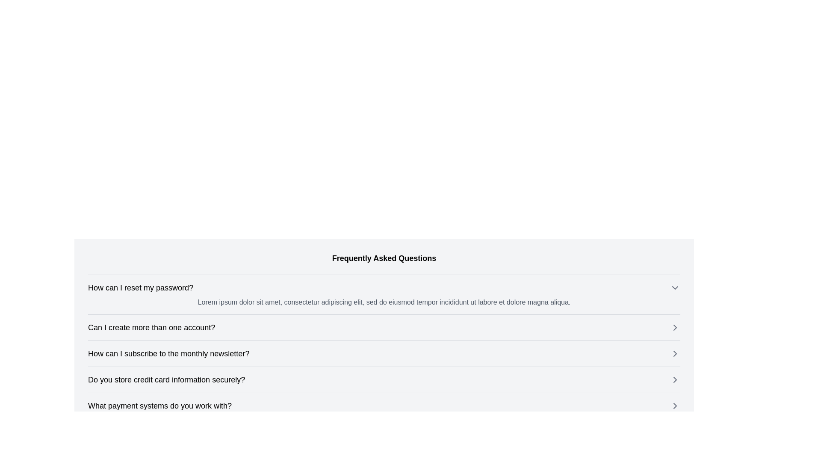 This screenshot has width=821, height=462. What do you see at coordinates (675, 353) in the screenshot?
I see `the right-pointing chevron icon, which is styled in gray and indicates expandability or navigation, to trigger a visual response` at bounding box center [675, 353].